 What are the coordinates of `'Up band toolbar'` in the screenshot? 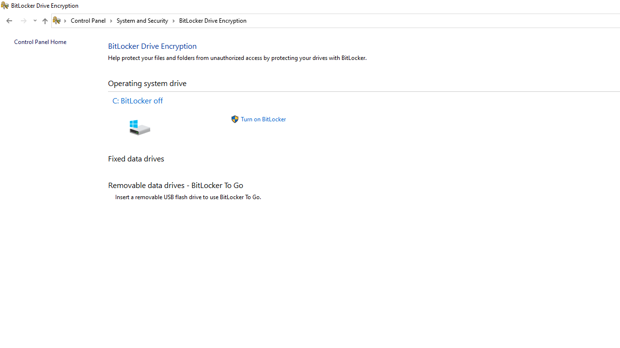 It's located at (44, 22).